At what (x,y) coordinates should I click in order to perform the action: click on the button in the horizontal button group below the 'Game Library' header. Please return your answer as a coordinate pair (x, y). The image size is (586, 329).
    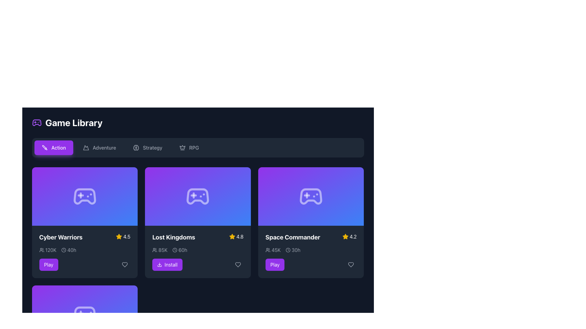
    Looking at the image, I should click on (198, 148).